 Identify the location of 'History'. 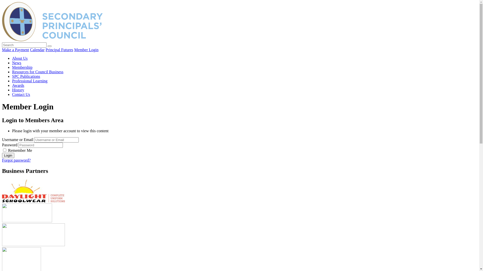
(12, 90).